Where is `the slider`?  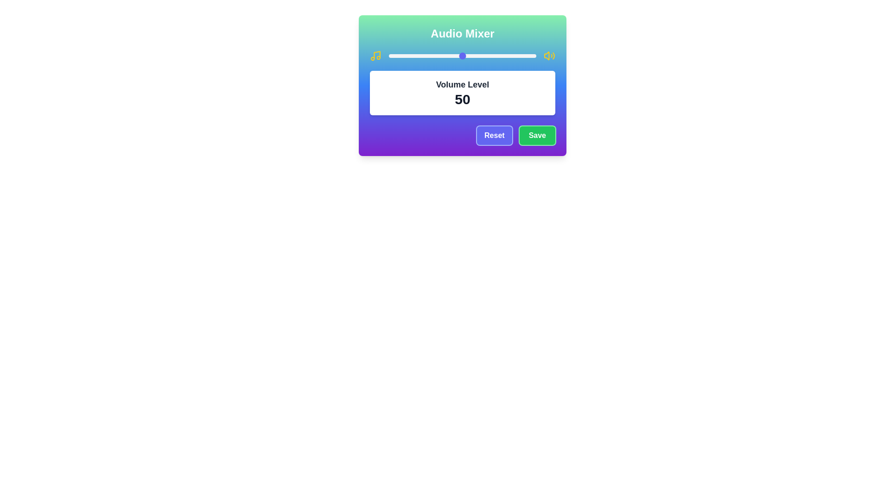 the slider is located at coordinates (452, 56).